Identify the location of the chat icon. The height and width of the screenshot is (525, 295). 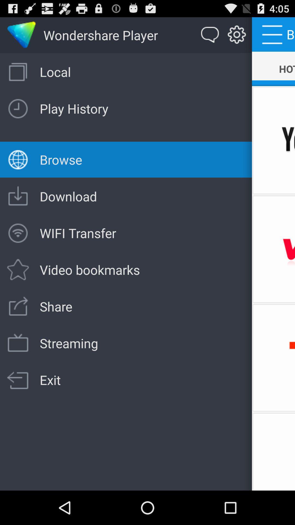
(210, 37).